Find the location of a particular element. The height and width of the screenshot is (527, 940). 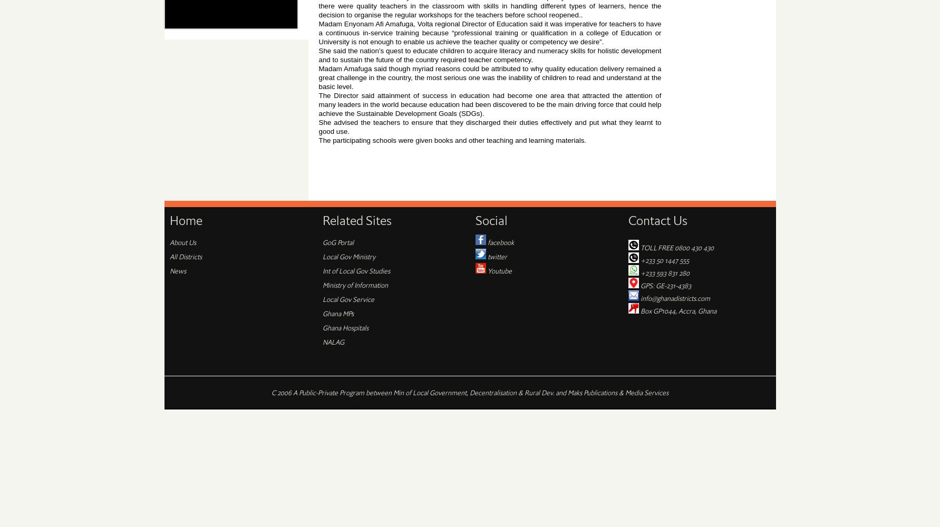

'All Districts' is located at coordinates (185, 256).